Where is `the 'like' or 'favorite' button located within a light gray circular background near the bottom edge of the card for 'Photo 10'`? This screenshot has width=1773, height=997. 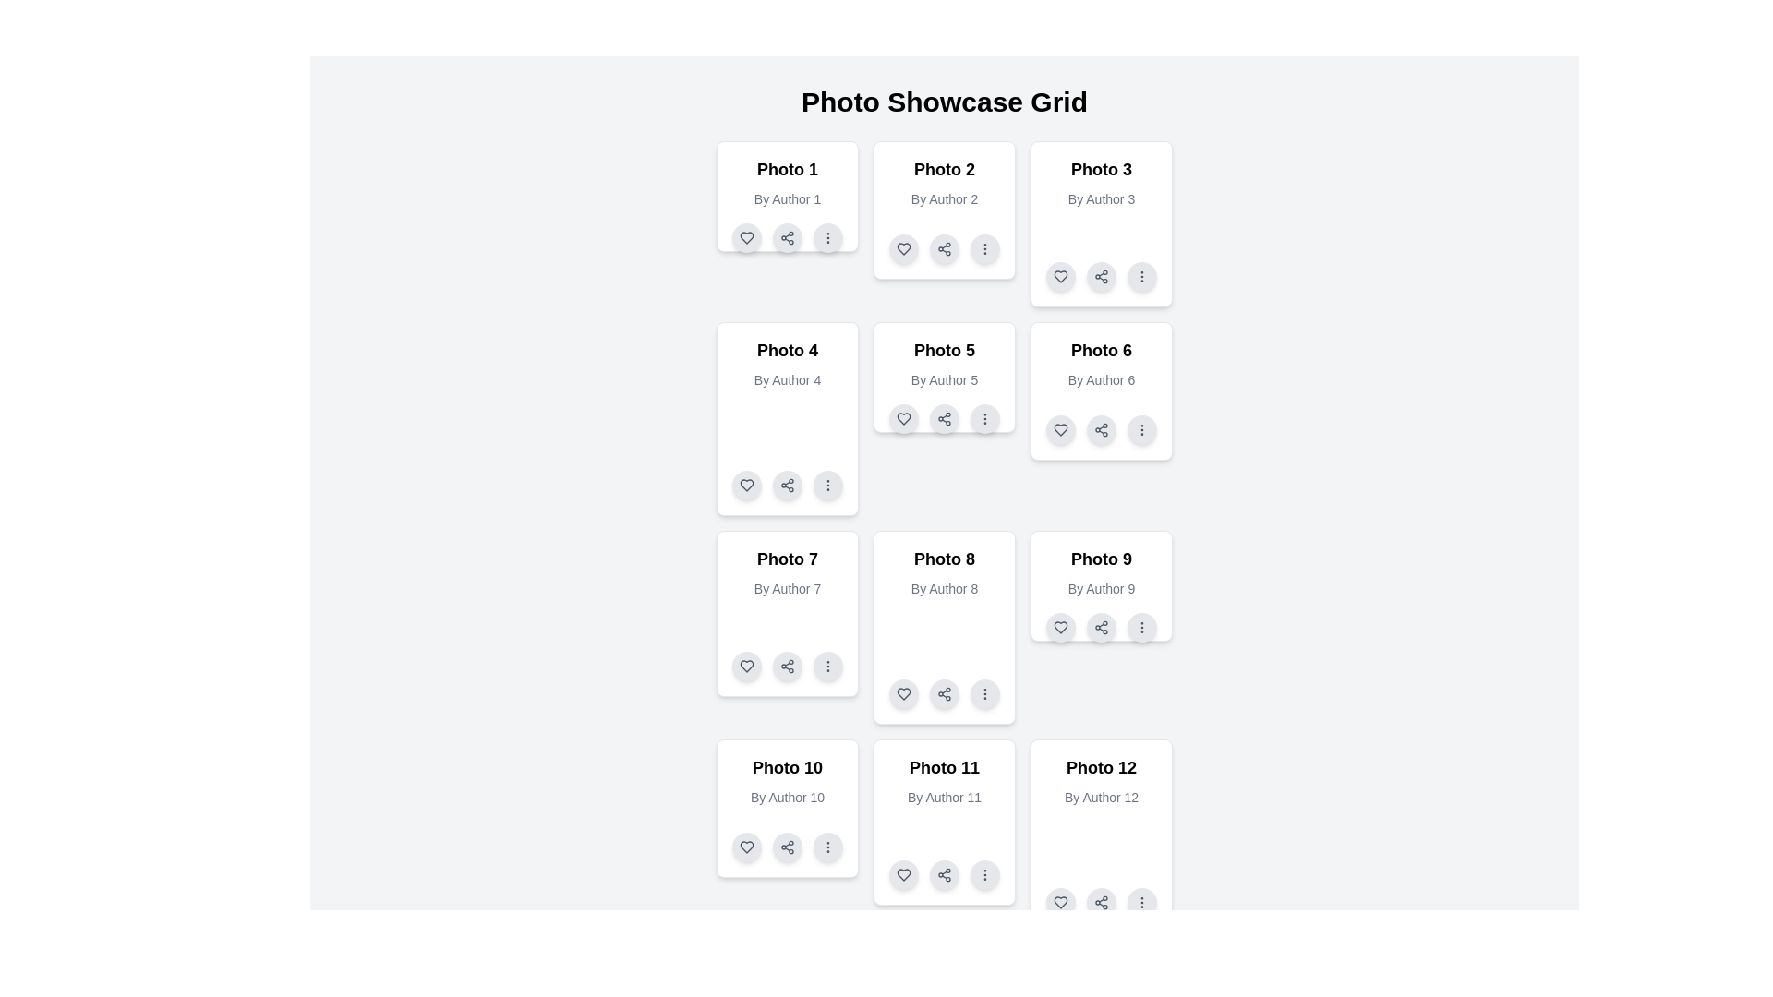 the 'like' or 'favorite' button located within a light gray circular background near the bottom edge of the card for 'Photo 10' is located at coordinates (747, 847).